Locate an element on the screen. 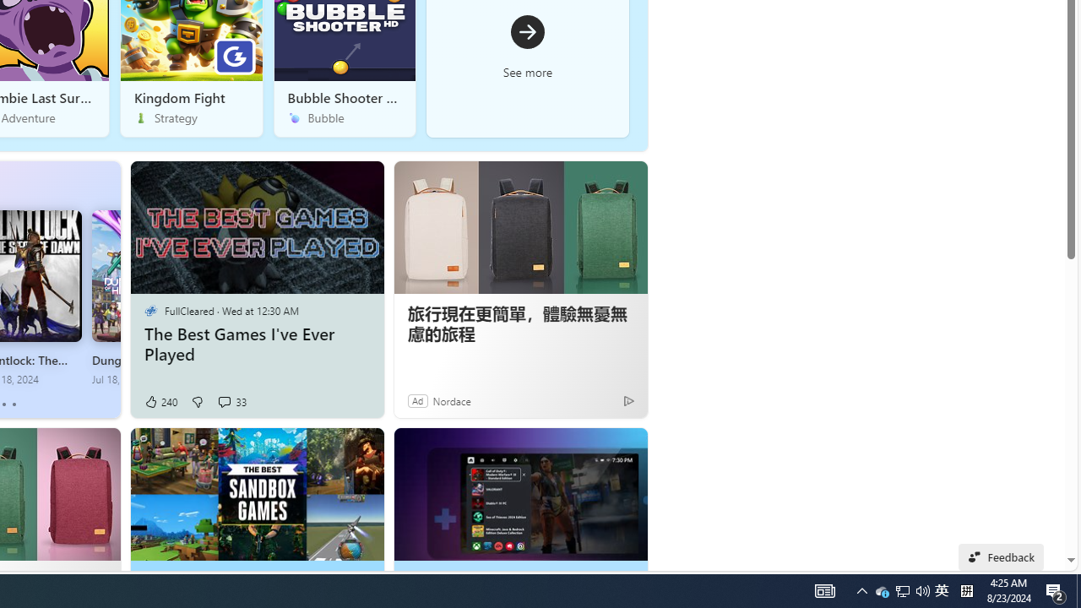 Image resolution: width=1081 pixels, height=608 pixels. '240 Like' is located at coordinates (160, 401).